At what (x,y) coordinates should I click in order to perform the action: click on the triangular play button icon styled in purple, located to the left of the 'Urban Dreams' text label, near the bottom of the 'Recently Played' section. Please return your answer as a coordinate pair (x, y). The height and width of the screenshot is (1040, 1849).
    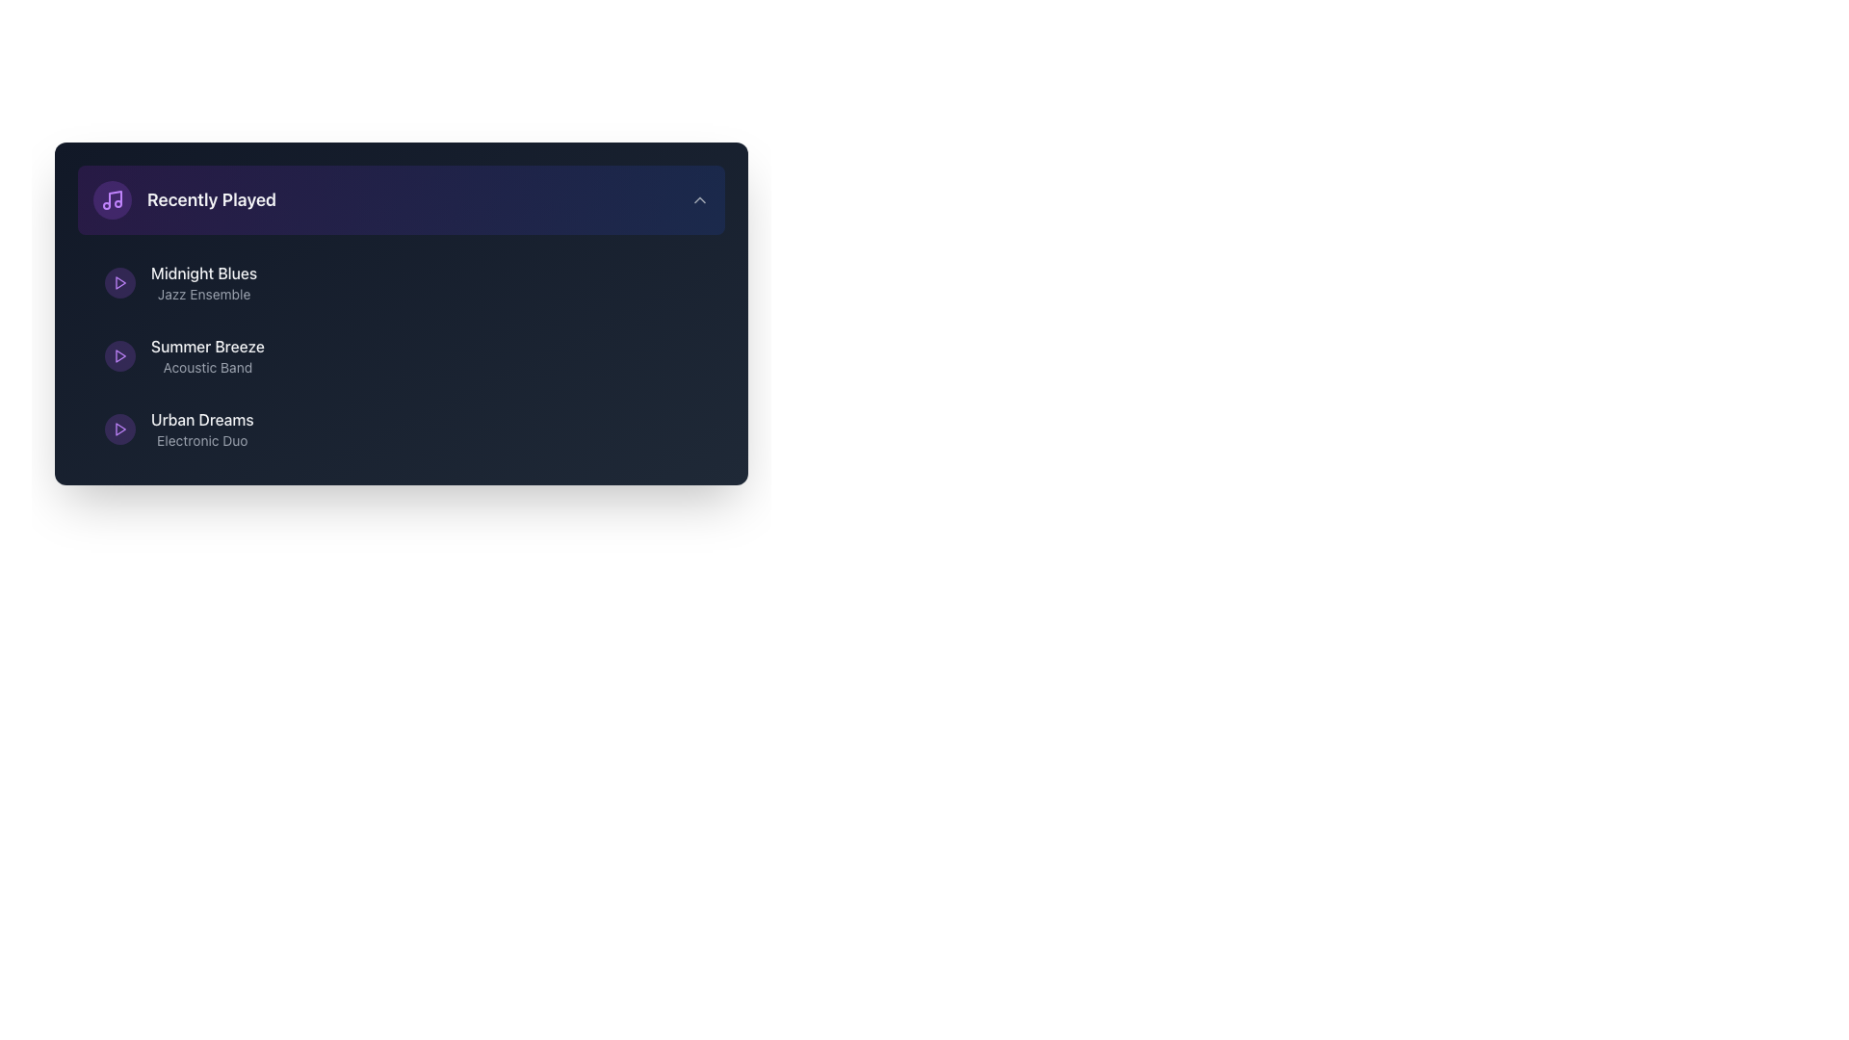
    Looking at the image, I should click on (118, 429).